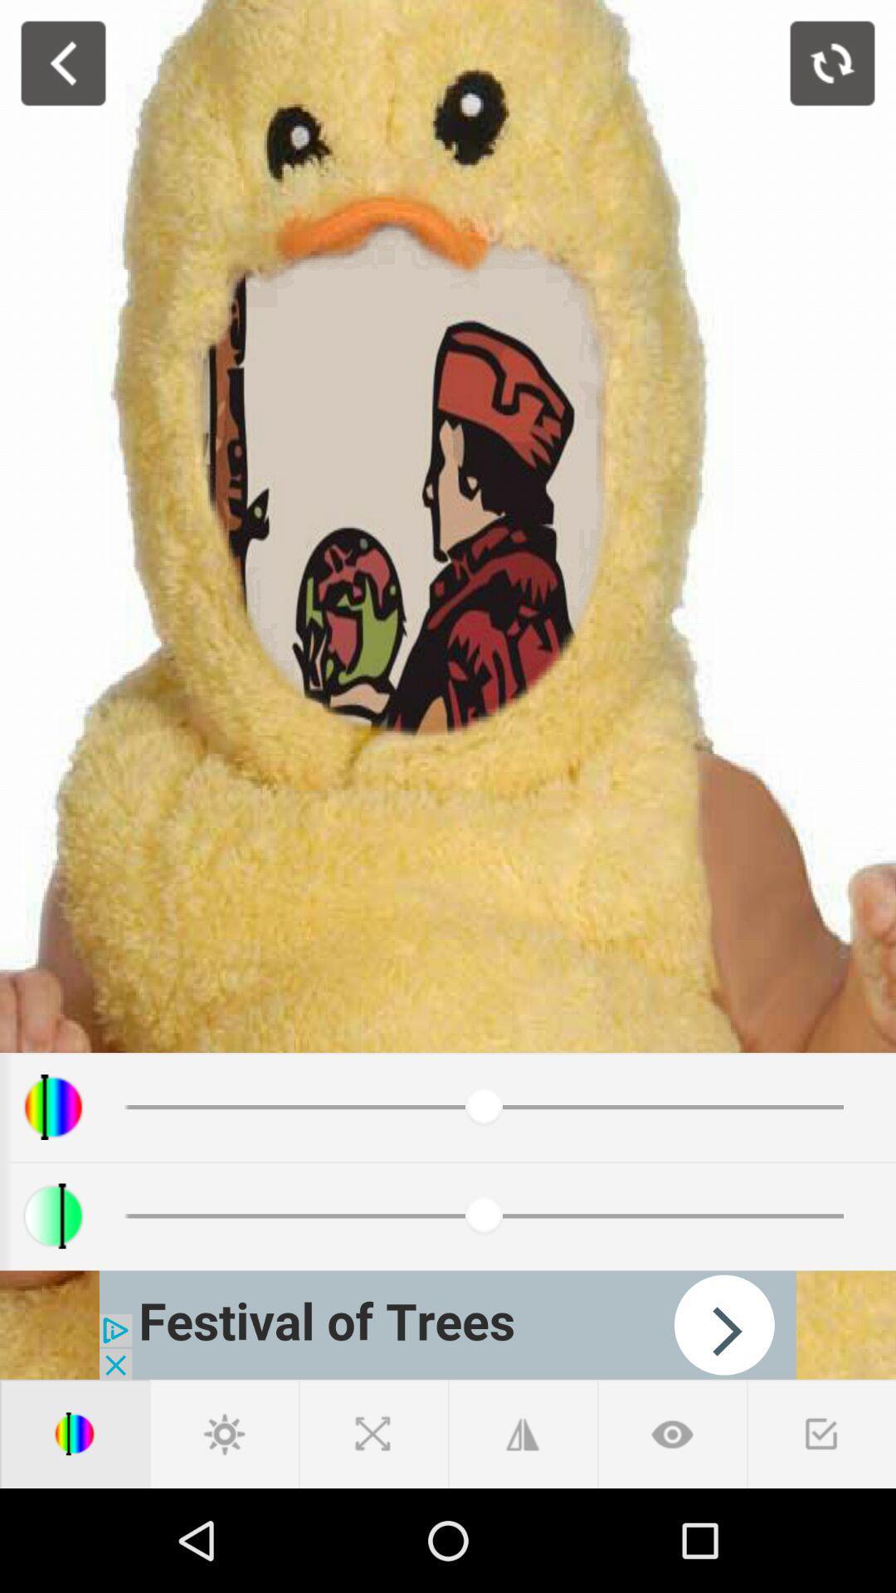  I want to click on the refresh icon, so click(832, 63).